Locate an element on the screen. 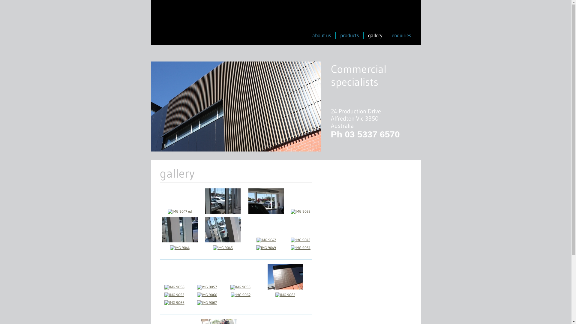 Image resolution: width=576 pixels, height=324 pixels. 'products' is located at coordinates (349, 35).